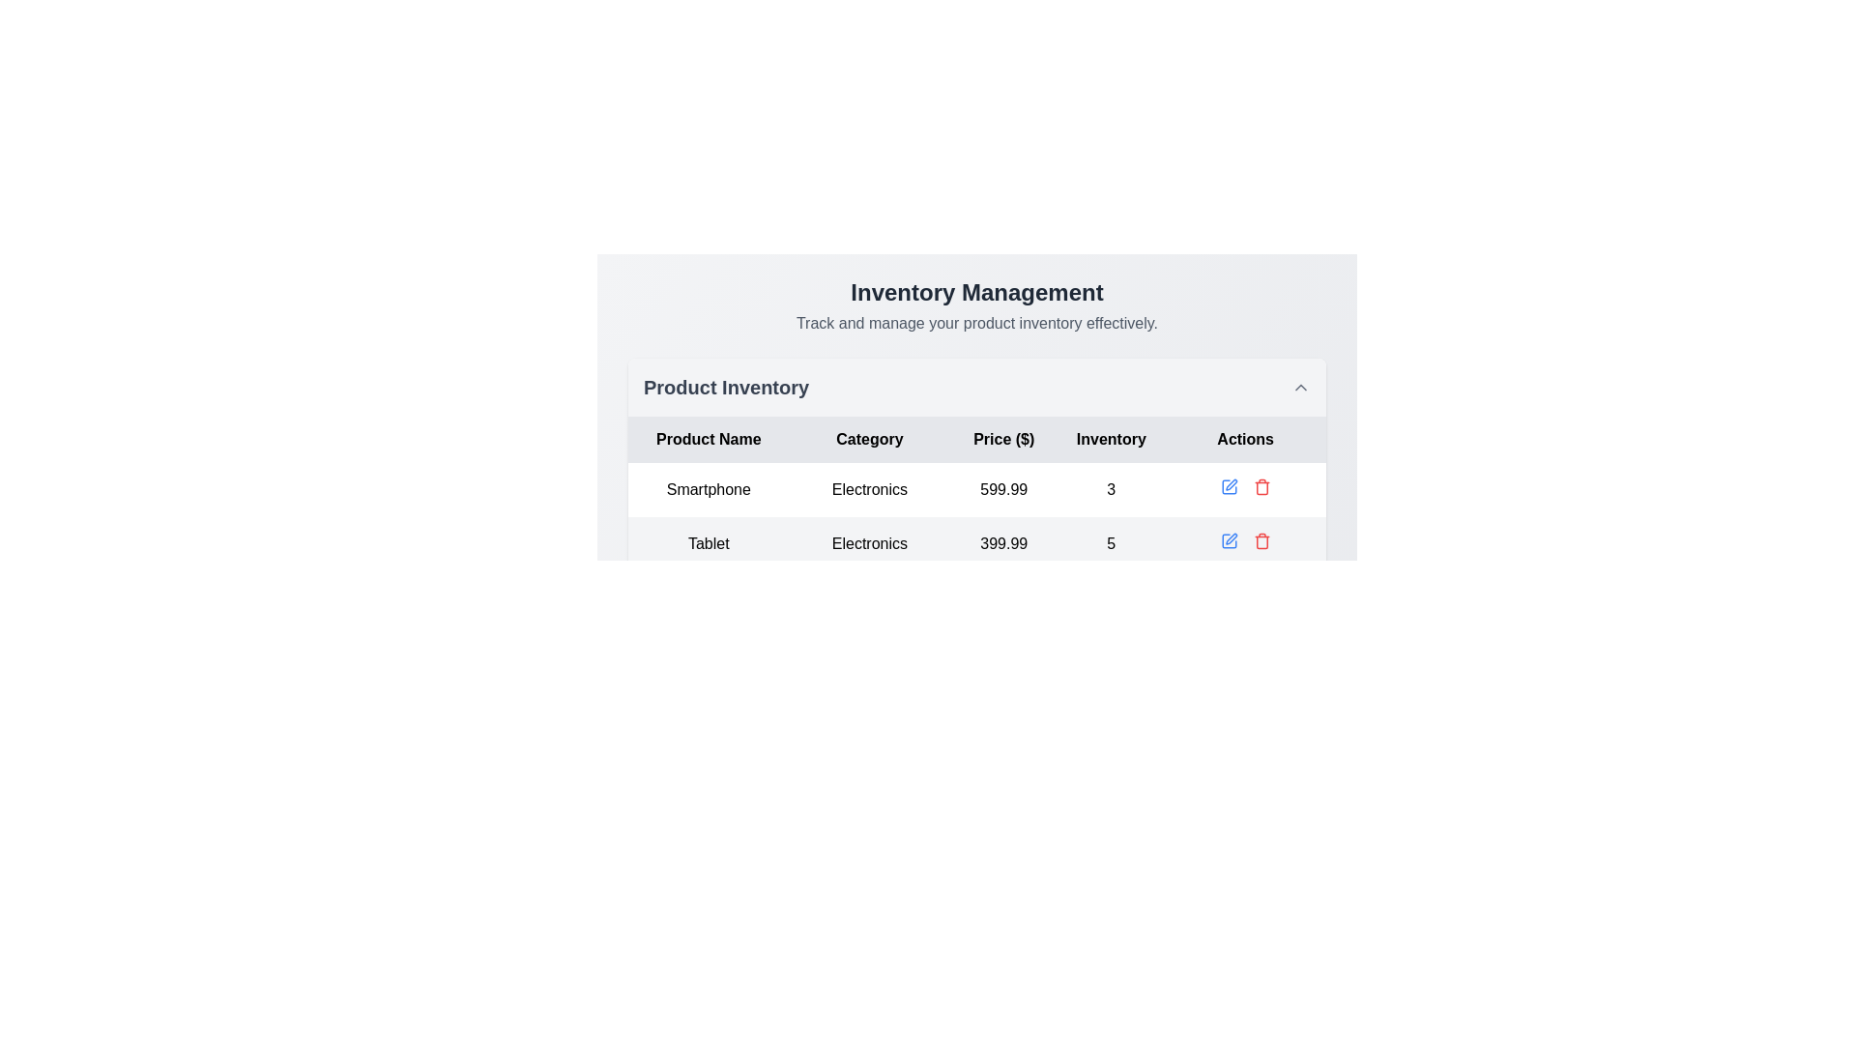 This screenshot has height=1044, width=1856. I want to click on the side walls and bottom of the trash can icon located in the 'Actions' column of the second row of the inventory table, so click(1261, 487).